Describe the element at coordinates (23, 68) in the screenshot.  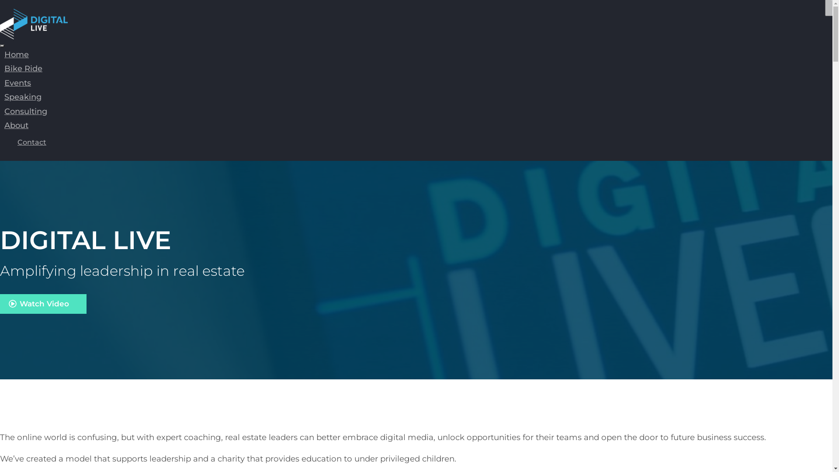
I see `'Bike Ride'` at that location.